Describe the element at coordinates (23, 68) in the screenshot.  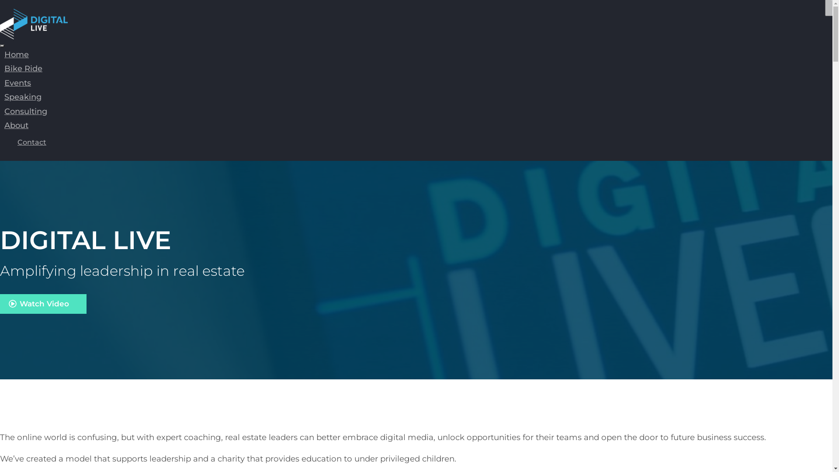
I see `'Bike Ride'` at that location.